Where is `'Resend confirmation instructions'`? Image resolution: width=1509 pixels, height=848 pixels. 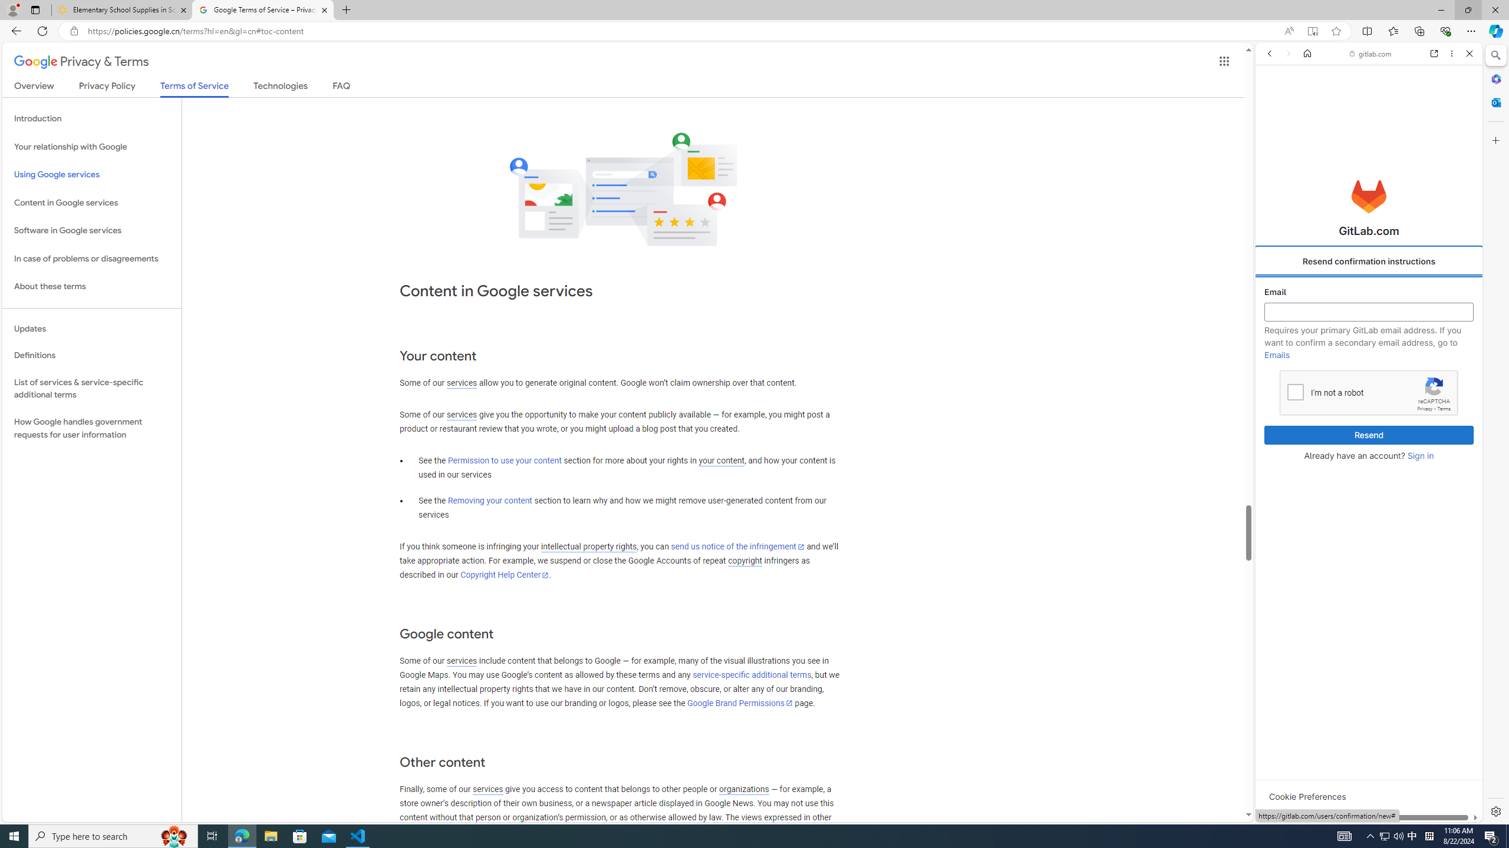
'Resend confirmation instructions' is located at coordinates (1369, 261).